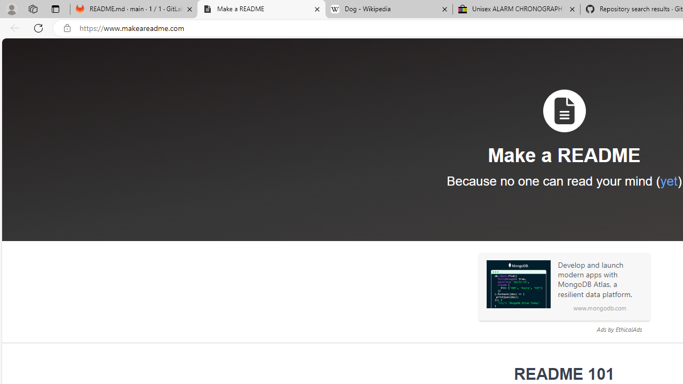 This screenshot has width=683, height=384. Describe the element at coordinates (668, 180) in the screenshot. I see `'yet'` at that location.